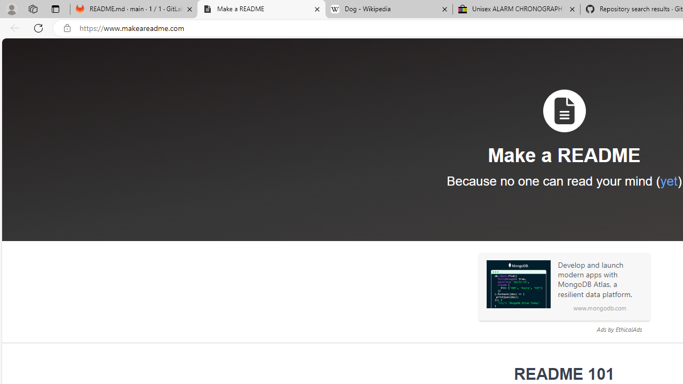 This screenshot has width=683, height=384. Describe the element at coordinates (668, 180) in the screenshot. I see `'yet'` at that location.